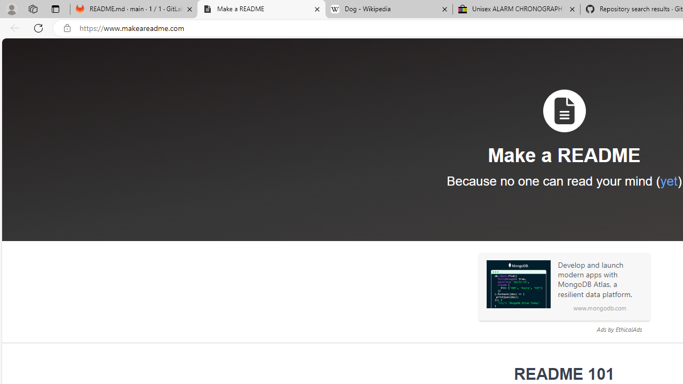 This screenshot has width=683, height=384. Describe the element at coordinates (668, 180) in the screenshot. I see `'yet'` at that location.